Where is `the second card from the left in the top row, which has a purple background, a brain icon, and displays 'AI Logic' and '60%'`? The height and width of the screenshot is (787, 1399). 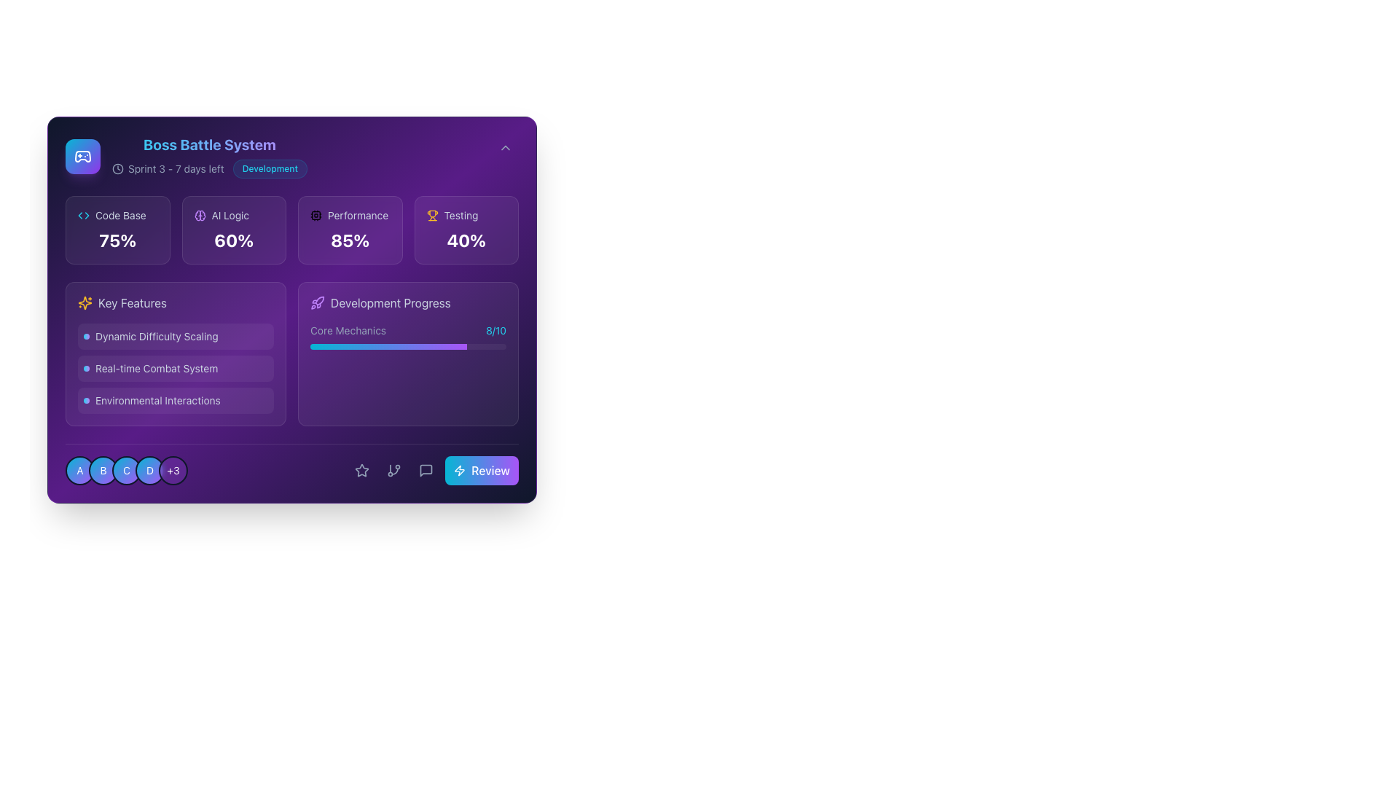 the second card from the left in the top row, which has a purple background, a brain icon, and displays 'AI Logic' and '60%' is located at coordinates (234, 230).